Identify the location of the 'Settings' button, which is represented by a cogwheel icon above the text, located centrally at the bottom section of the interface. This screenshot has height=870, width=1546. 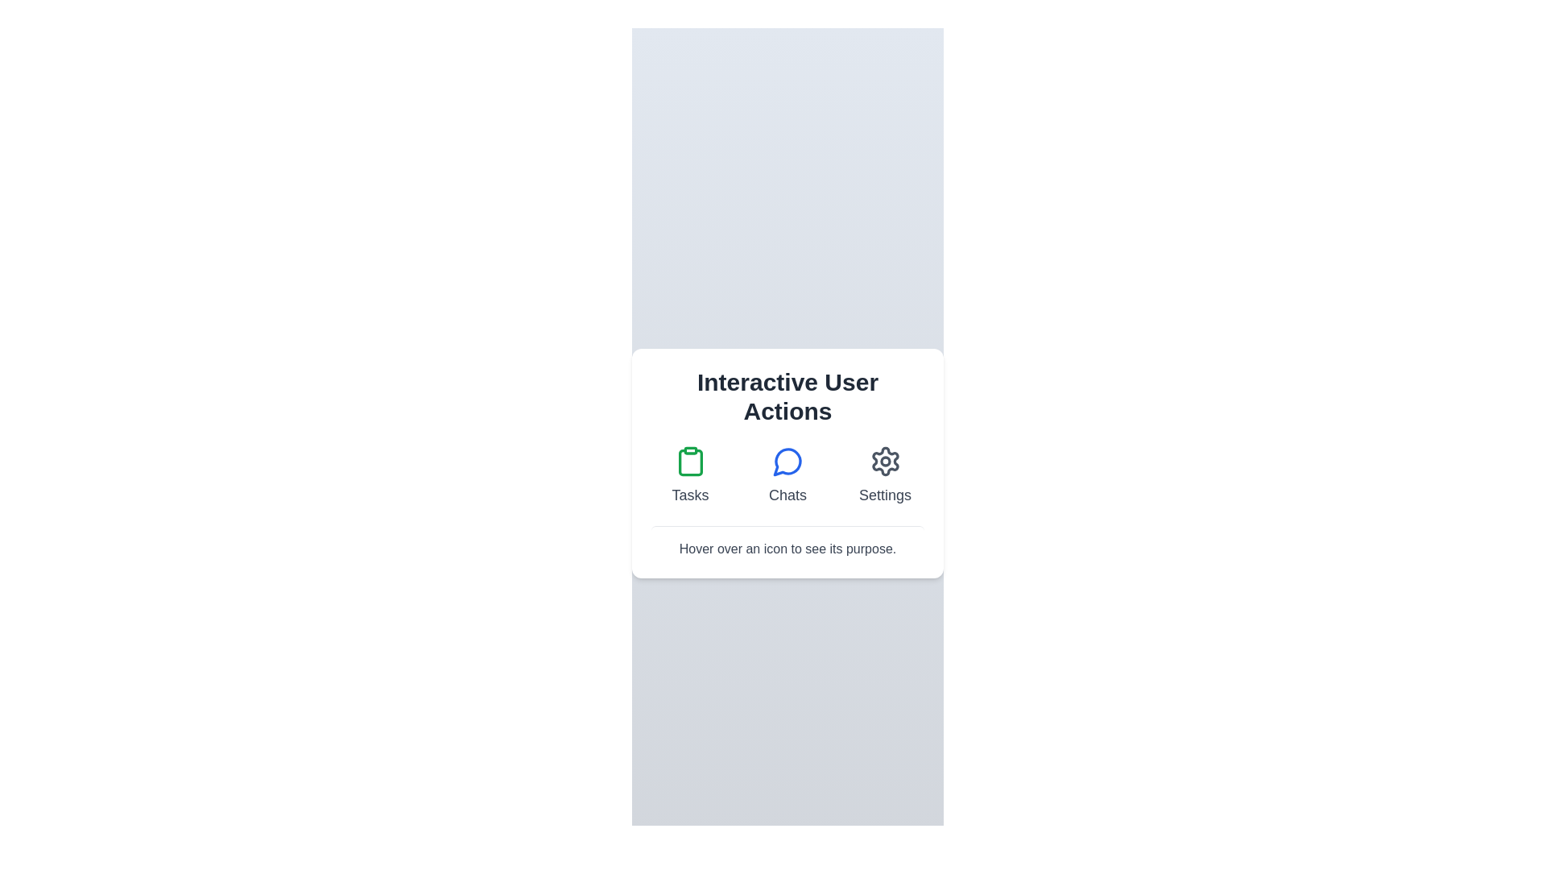
(884, 474).